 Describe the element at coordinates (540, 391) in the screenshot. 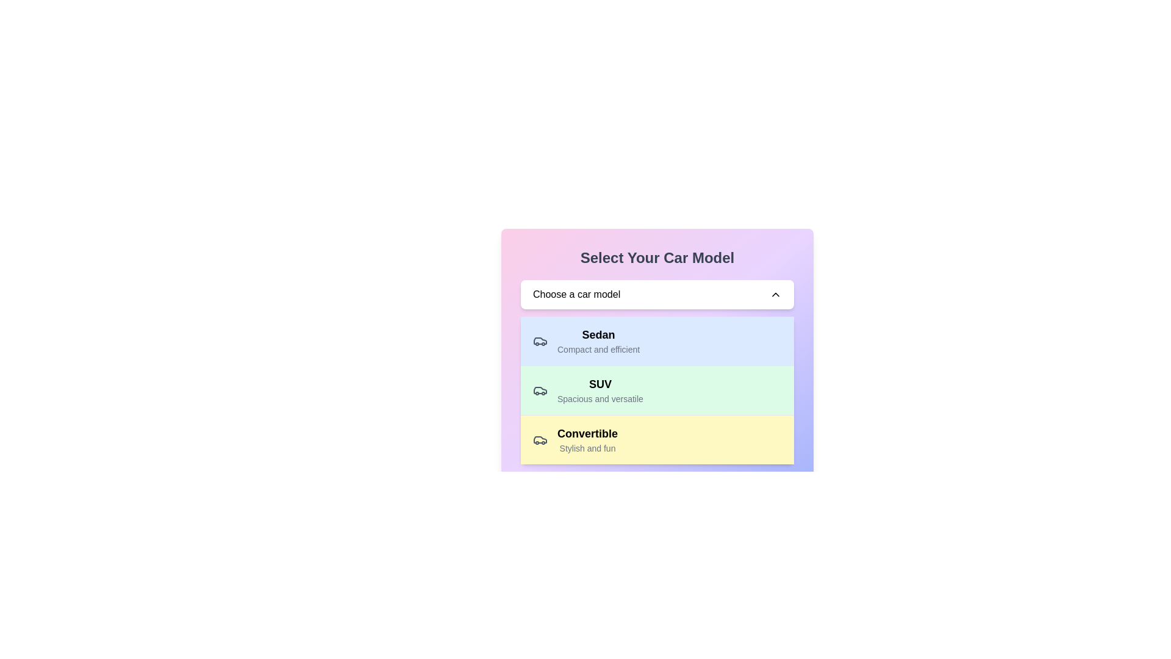

I see `the decorative SUV icon in the dropdown menu, which is a static graphical representation aiding in visual identification` at that location.